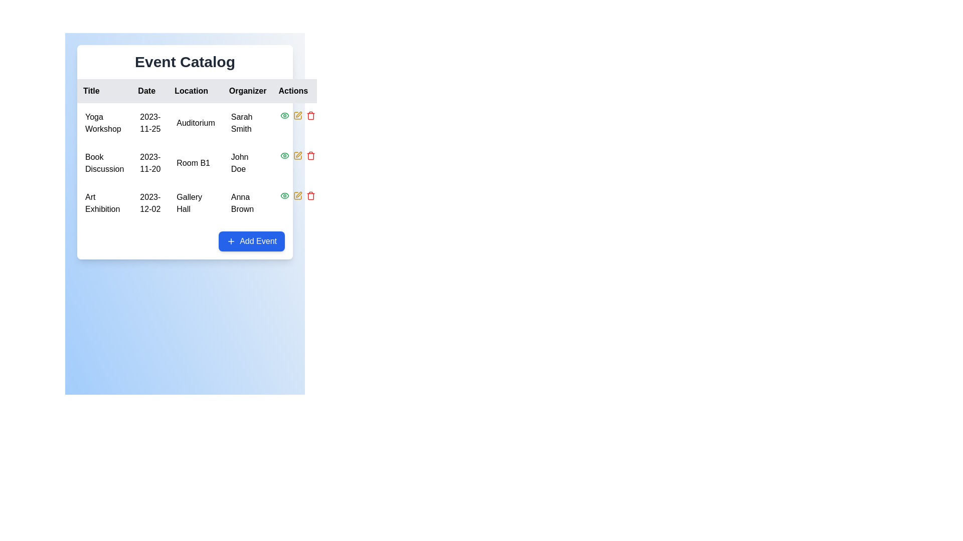 The height and width of the screenshot is (541, 963). I want to click on the static text label reading 'Actions', which is the last item in a horizontal row of header labels in the top-right corner of the data table's header, so click(297, 91).